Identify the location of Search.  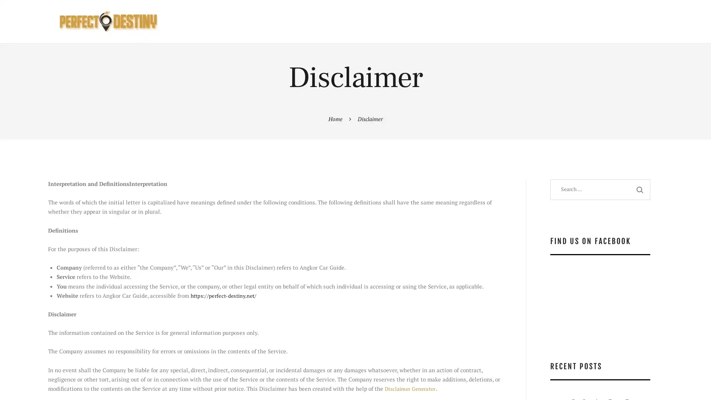
(640, 190).